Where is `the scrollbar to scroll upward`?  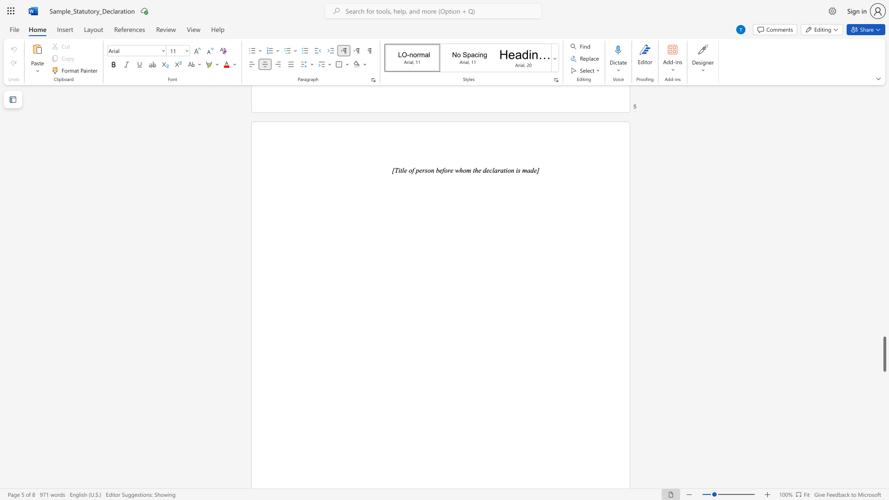 the scrollbar to scroll upward is located at coordinates (884, 268).